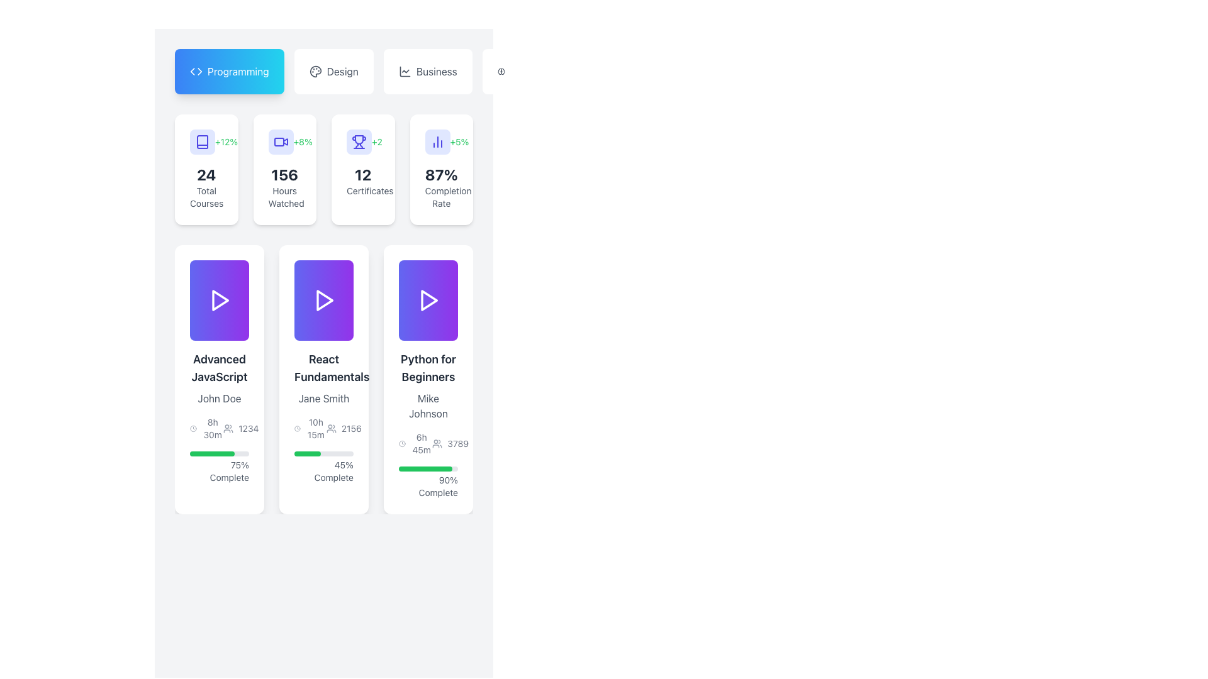  I want to click on the text label that serves as the title for the 'Advanced JavaScript' course, located in the upper half of the card just beneath the play button icon, so click(220, 368).